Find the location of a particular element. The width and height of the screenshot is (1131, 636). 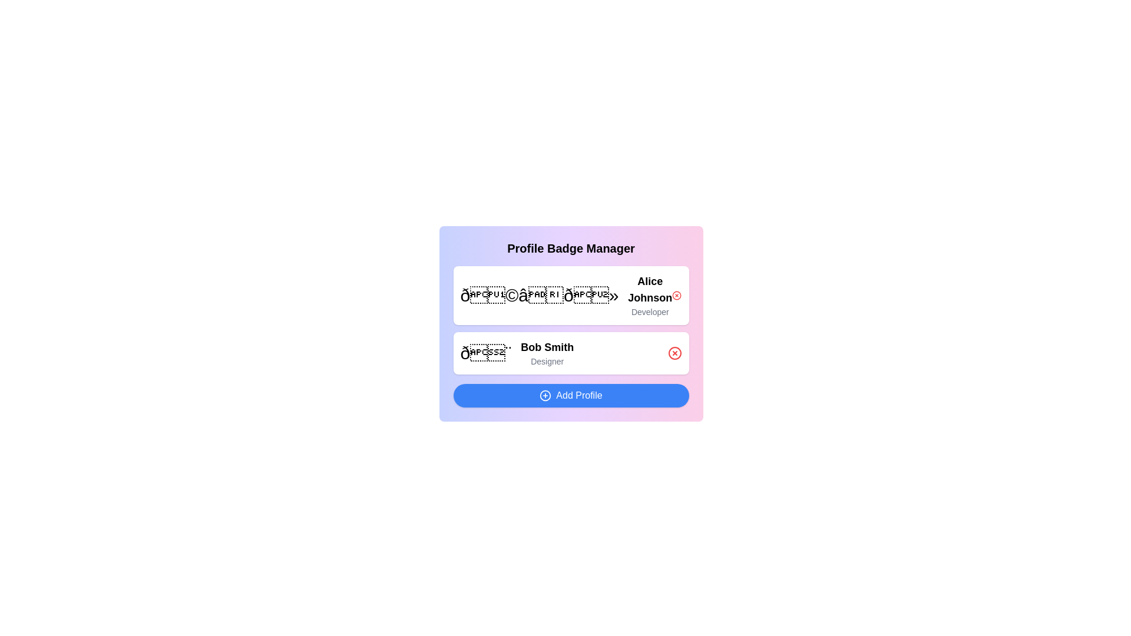

the remove button for the profile Bob Smith is located at coordinates (674, 353).